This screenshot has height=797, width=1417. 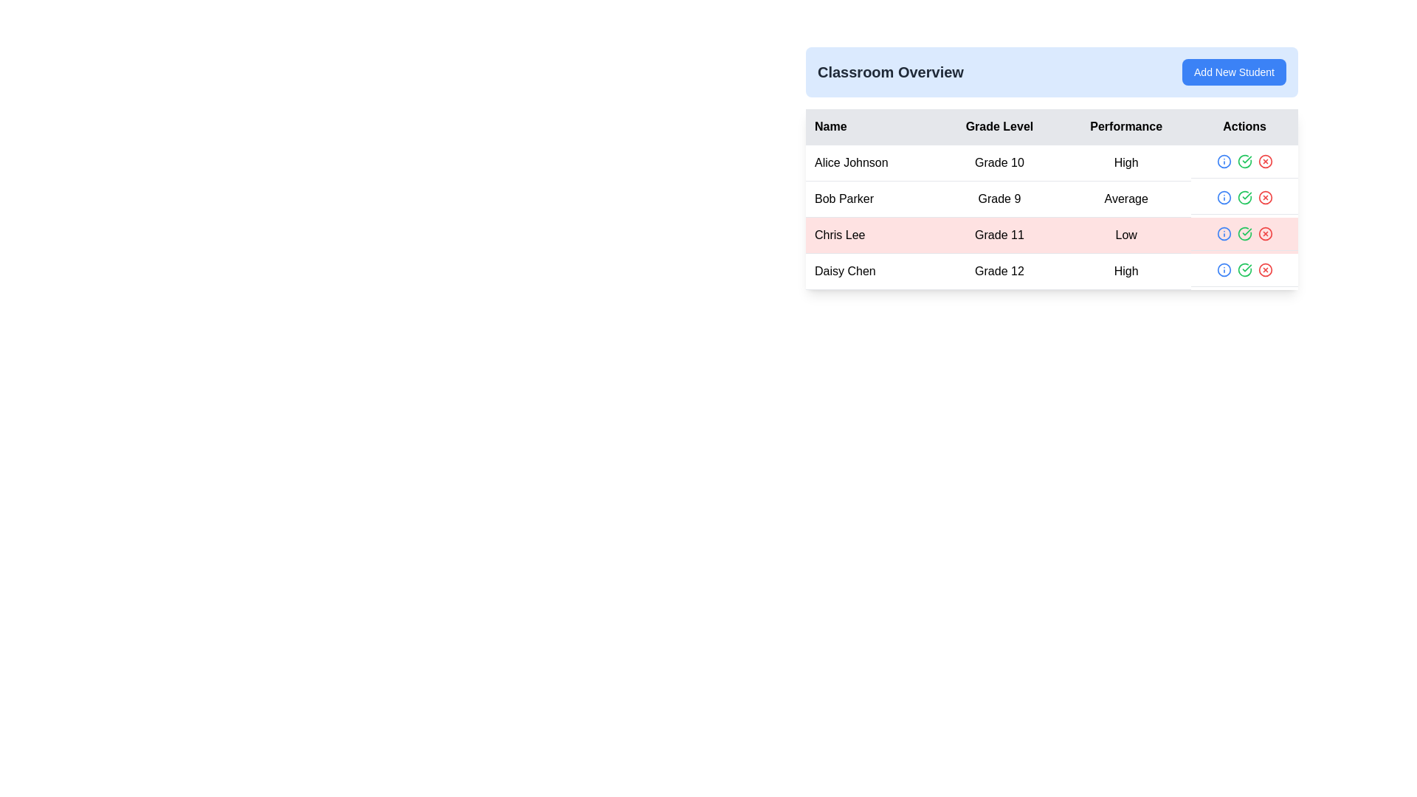 I want to click on the static text label containing the word 'Average' located in the 'Performance' column of the data table, aligned with the row of 'Bob Parker', so click(x=1125, y=199).